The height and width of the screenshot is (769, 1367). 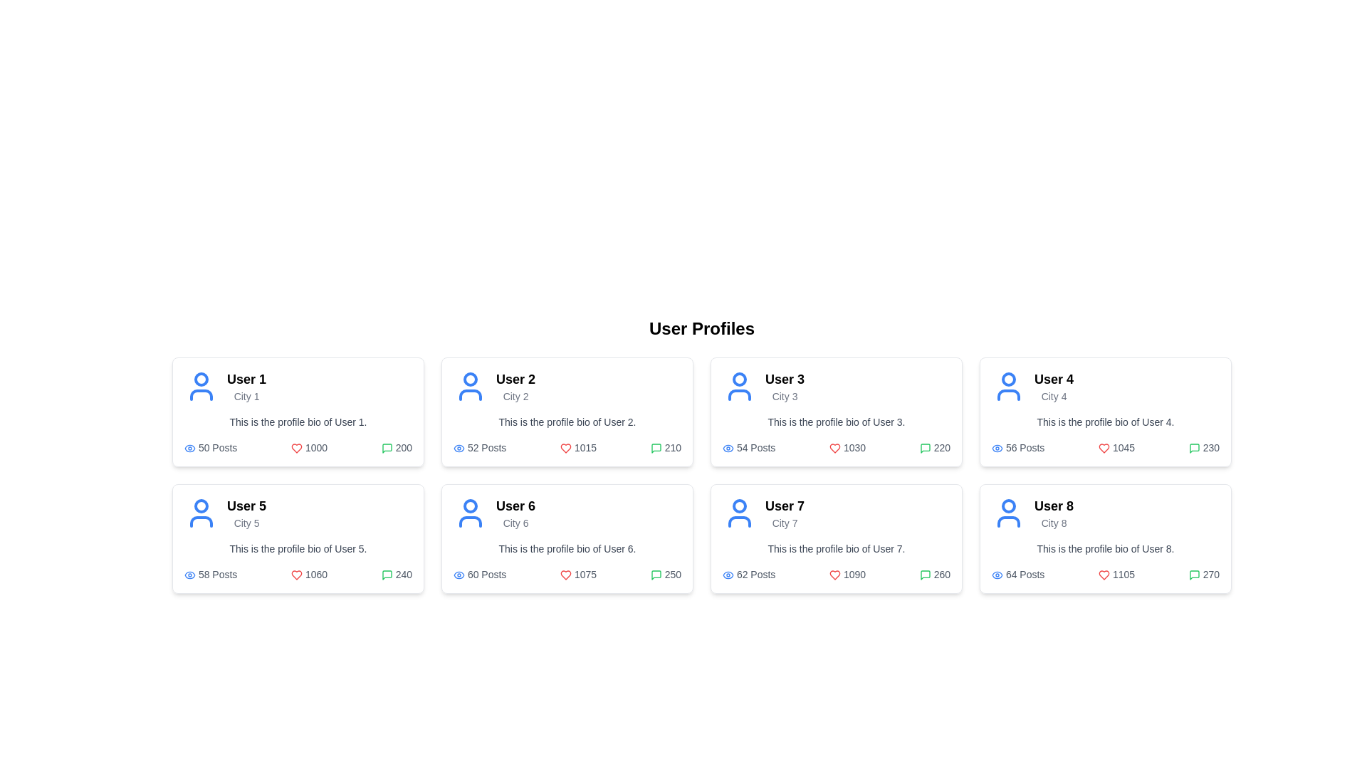 What do you see at coordinates (566, 446) in the screenshot?
I see `the user statistics summary element displaying '52 Posts', '1015', and '210' counts with associated icons, located at the bottom of the card for 'User 2'` at bounding box center [566, 446].